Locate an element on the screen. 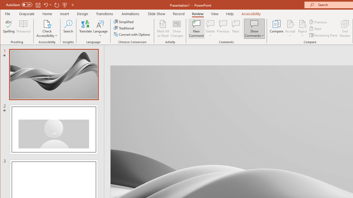 The image size is (353, 198). 'Reviewing Pane' is located at coordinates (323, 35).